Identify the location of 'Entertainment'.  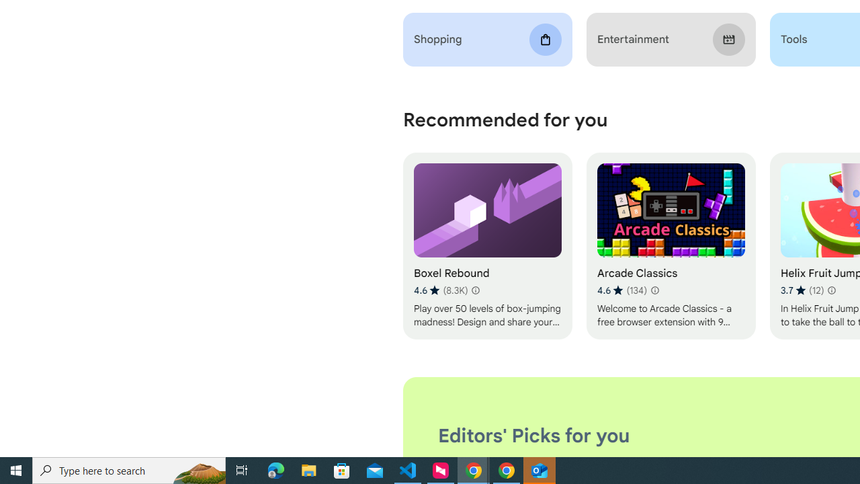
(671, 39).